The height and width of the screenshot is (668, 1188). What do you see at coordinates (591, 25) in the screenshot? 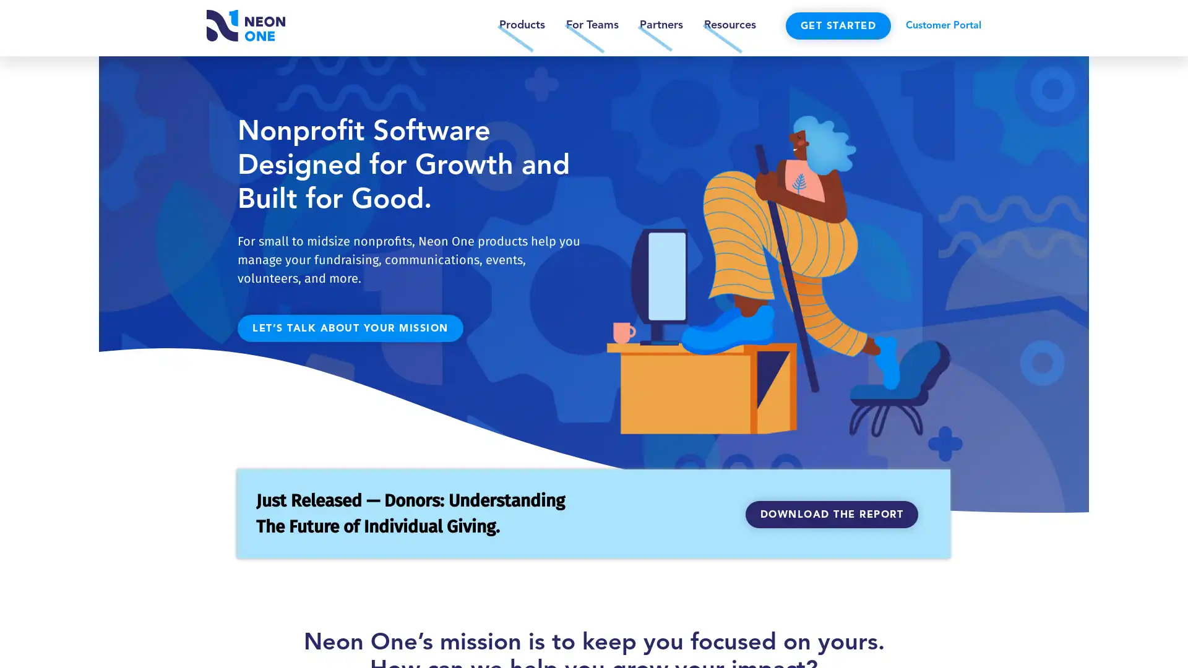
I see `For Teams` at bounding box center [591, 25].